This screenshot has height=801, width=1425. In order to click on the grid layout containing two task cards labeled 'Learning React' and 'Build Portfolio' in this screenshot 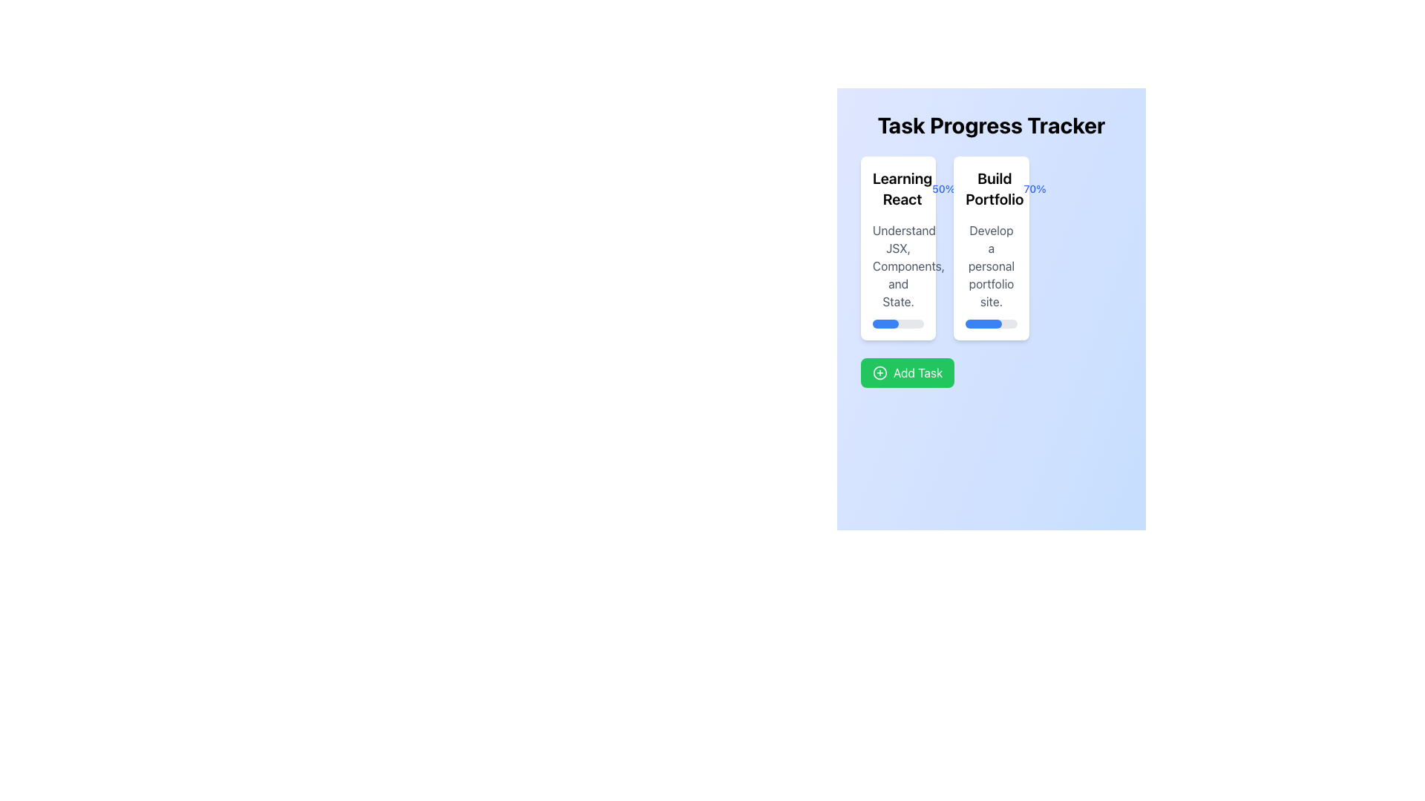, I will do `click(991, 248)`.